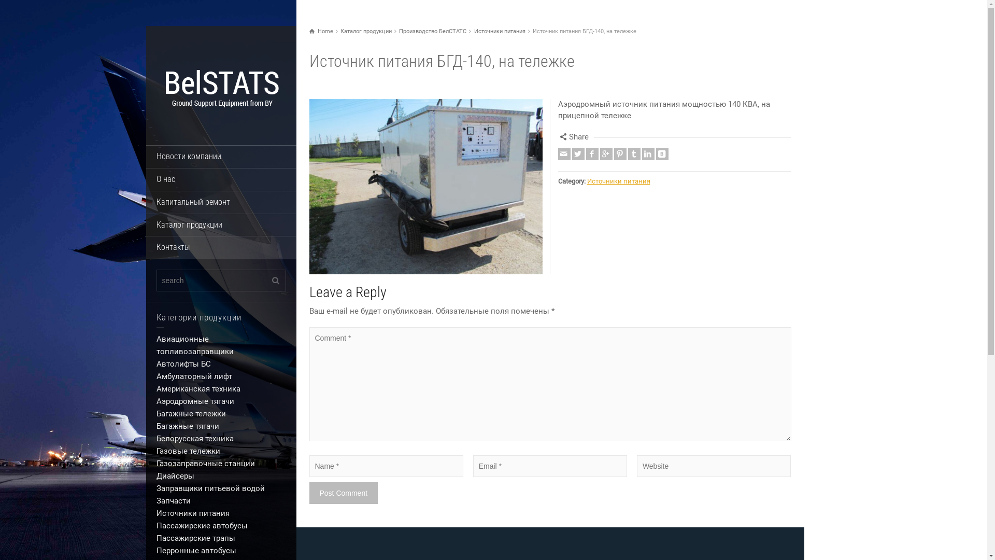 The width and height of the screenshot is (995, 560). I want to click on 'Facebook', so click(592, 154).